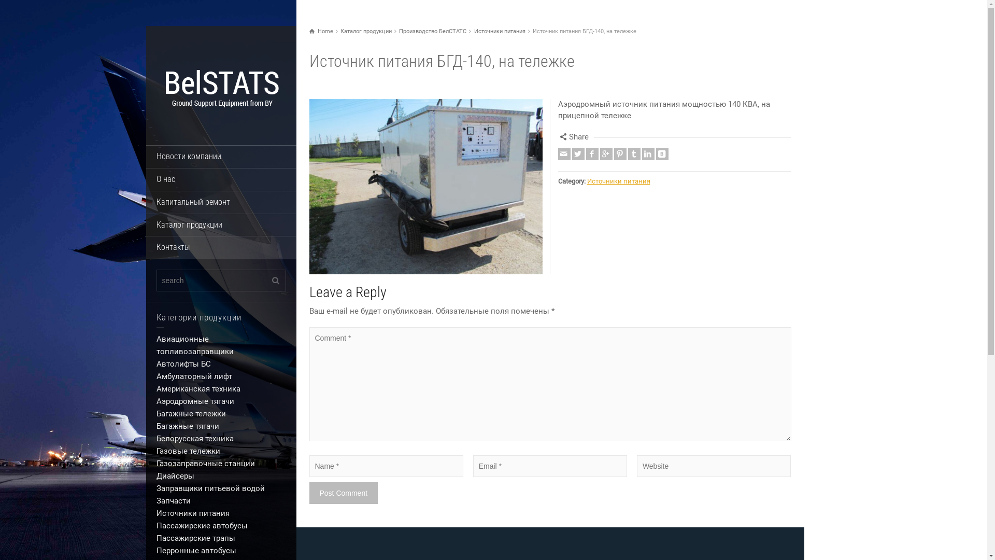 The width and height of the screenshot is (995, 560). I want to click on 'Facebook', so click(592, 154).